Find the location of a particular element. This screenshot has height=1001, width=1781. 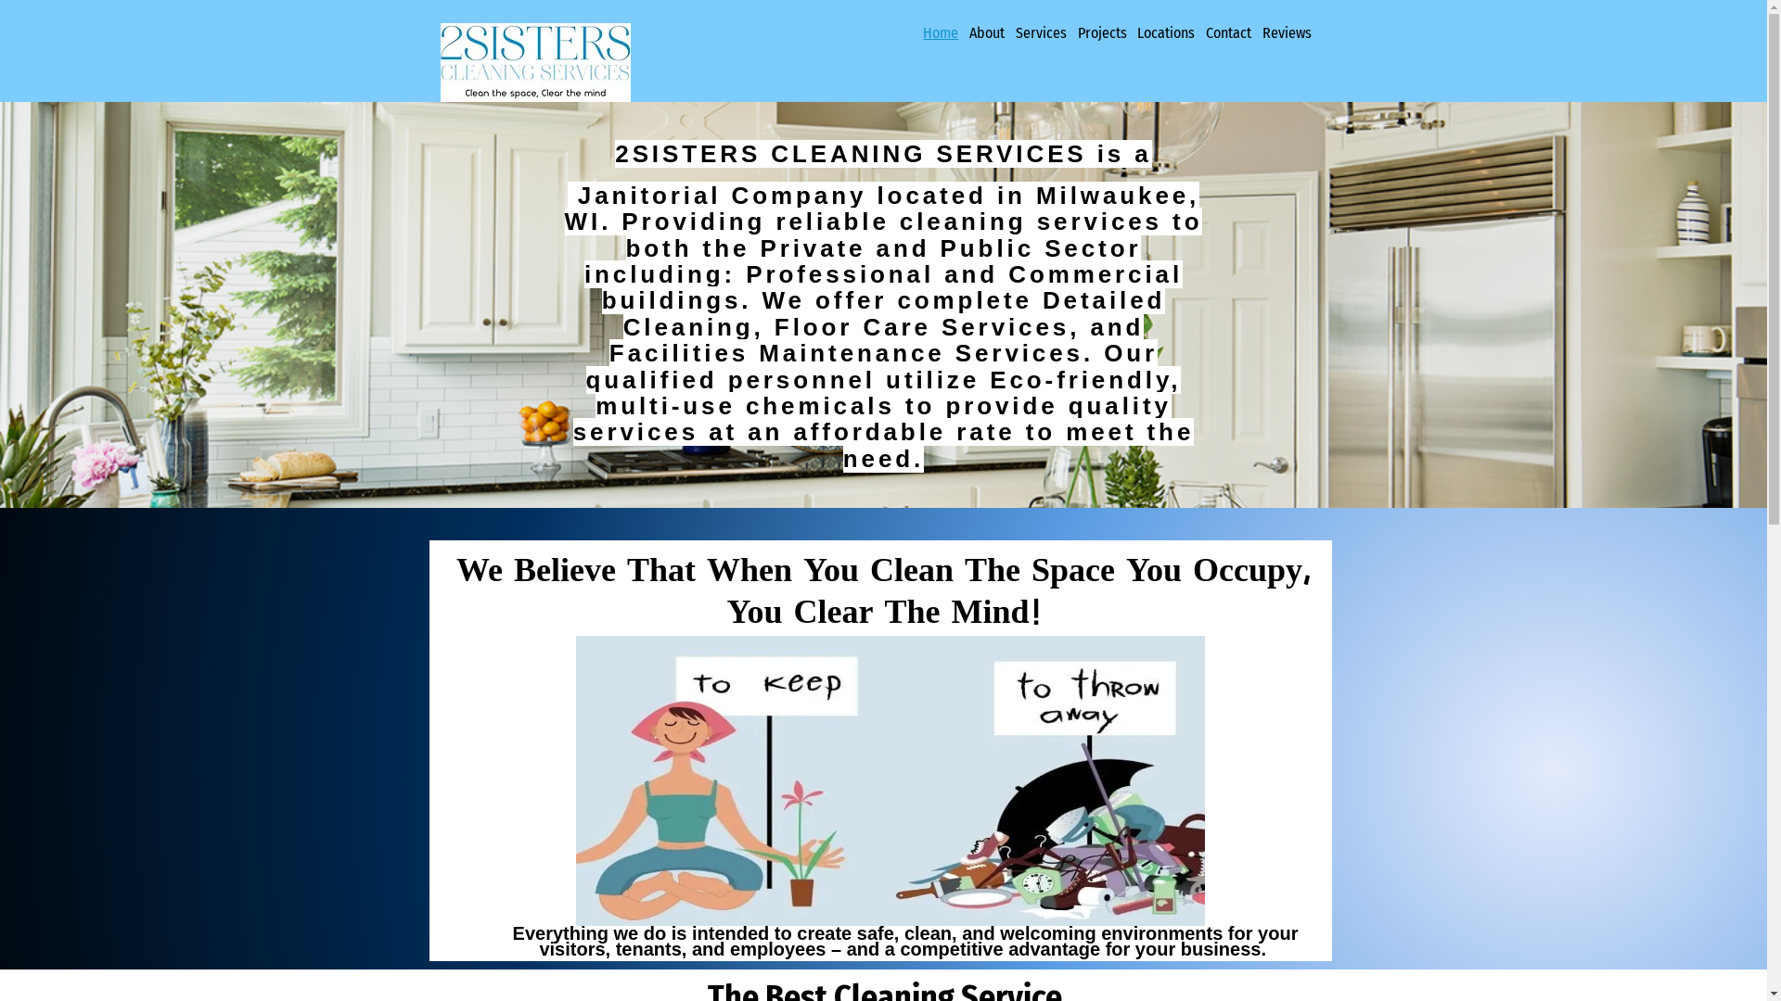

'Reviews' is located at coordinates (1286, 32).